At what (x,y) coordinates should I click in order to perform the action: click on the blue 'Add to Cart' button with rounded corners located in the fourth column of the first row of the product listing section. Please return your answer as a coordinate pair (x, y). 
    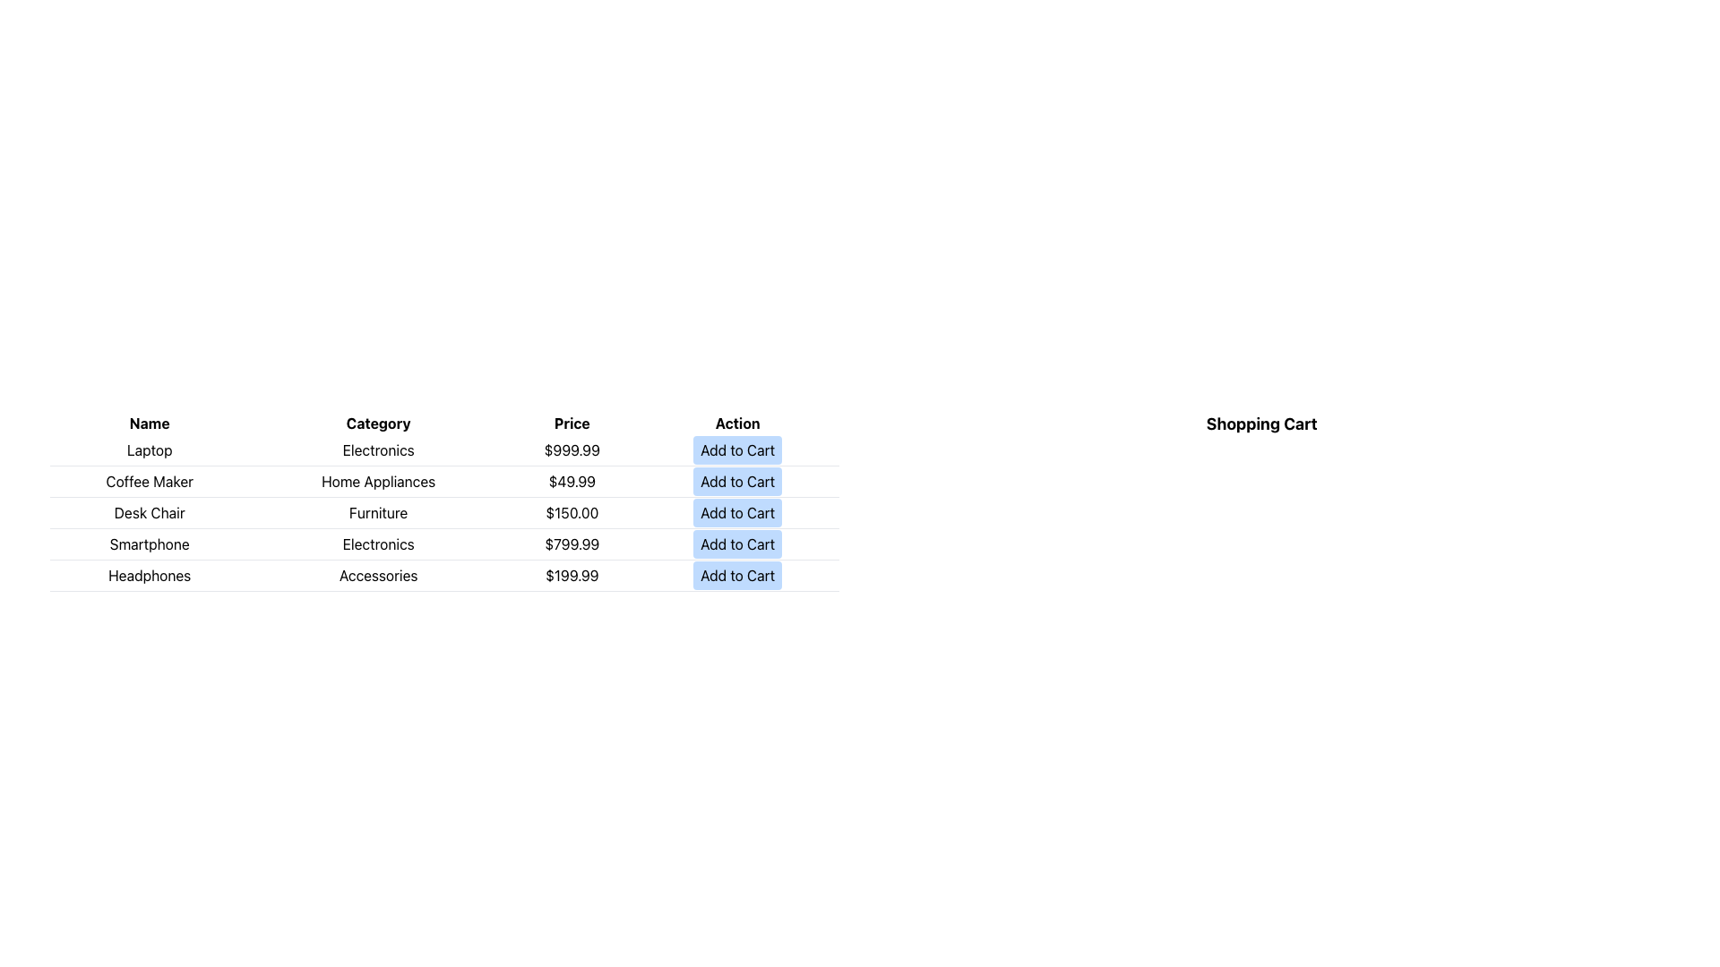
    Looking at the image, I should click on (737, 449).